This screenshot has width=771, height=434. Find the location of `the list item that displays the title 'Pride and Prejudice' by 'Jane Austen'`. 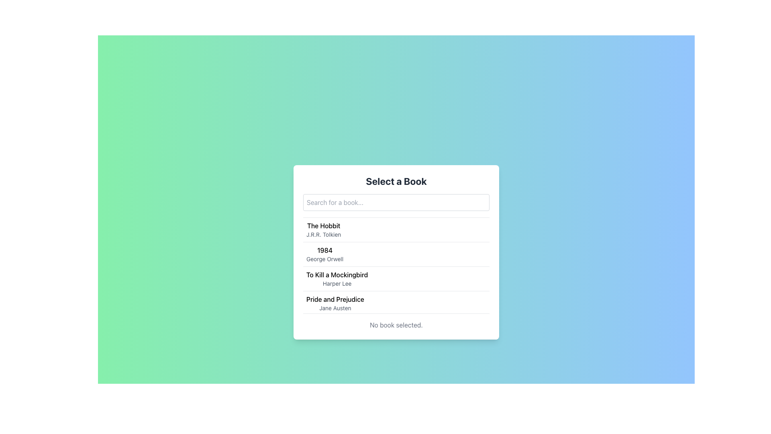

the list item that displays the title 'Pride and Prejudice' by 'Jane Austen' is located at coordinates (396, 303).